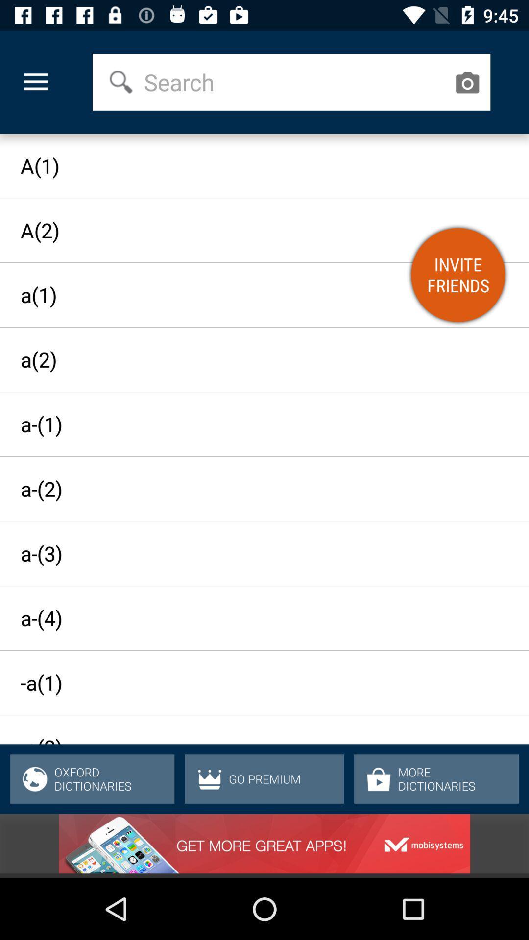  What do you see at coordinates (255, 617) in the screenshot?
I see `item below the a-(3) item` at bounding box center [255, 617].